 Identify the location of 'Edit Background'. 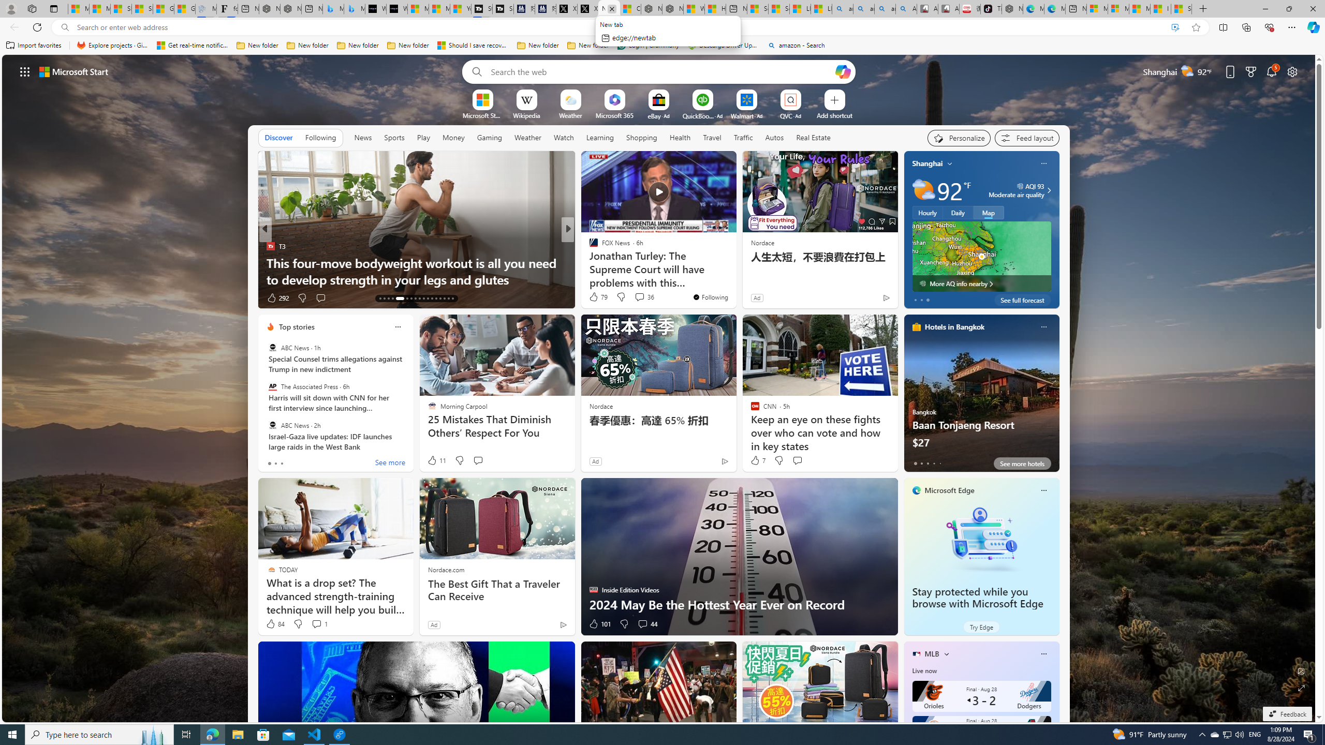
(1302, 670).